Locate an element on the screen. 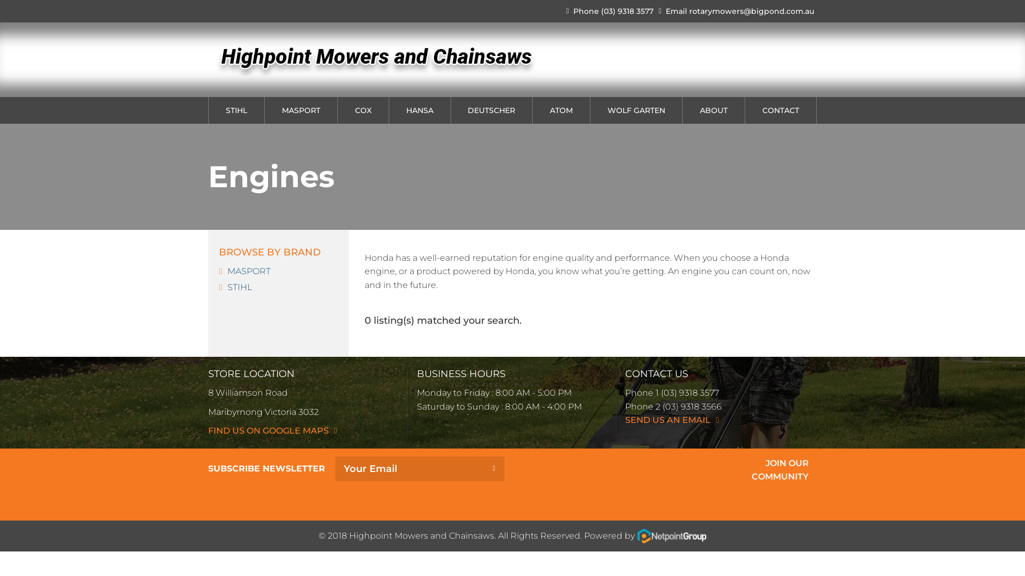 The image size is (1025, 576). 'rotarymowers@bigpond.com.au' is located at coordinates (751, 11).